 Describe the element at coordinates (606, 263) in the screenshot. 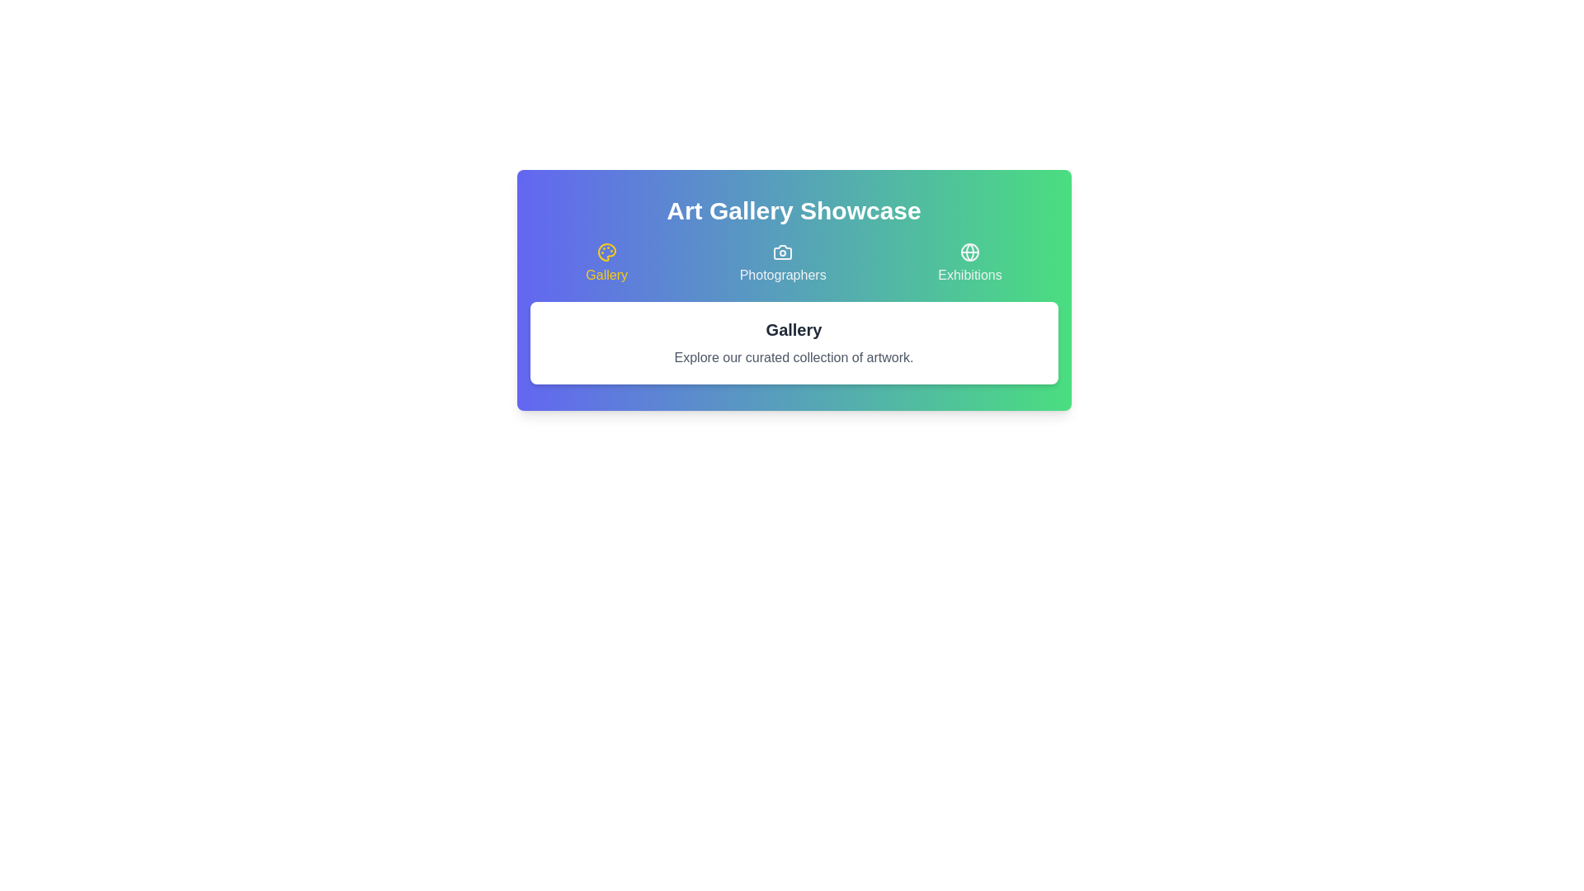

I see `the tab corresponding to Gallery` at that location.